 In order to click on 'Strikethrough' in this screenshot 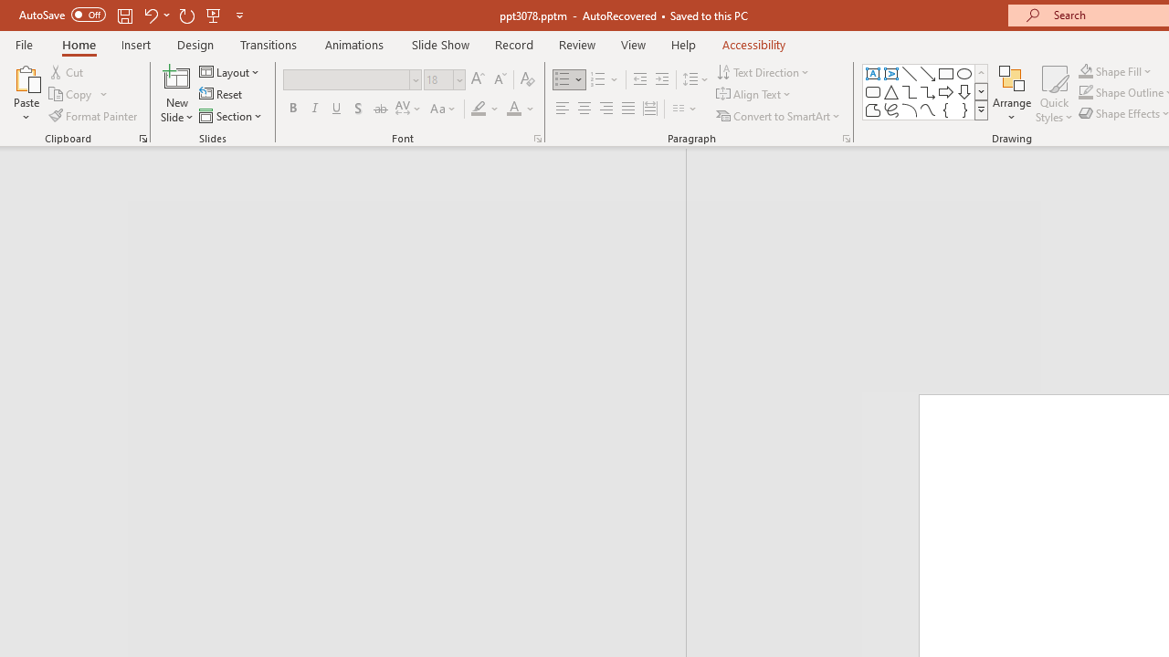, I will do `click(379, 109)`.